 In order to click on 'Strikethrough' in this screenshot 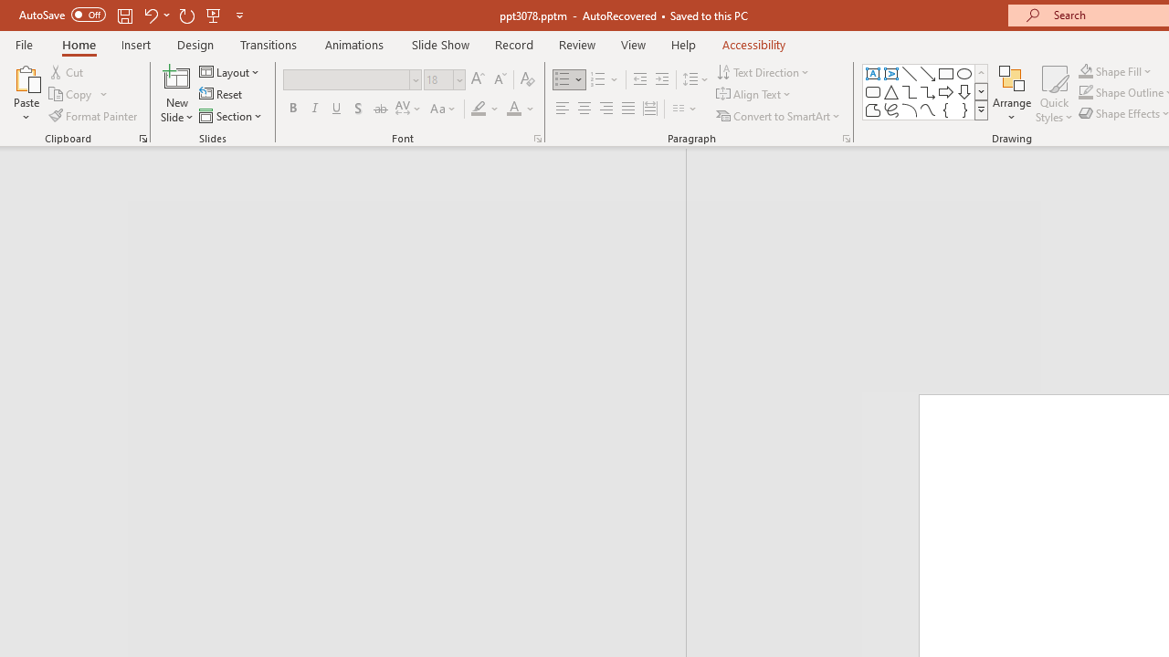, I will do `click(379, 109)`.